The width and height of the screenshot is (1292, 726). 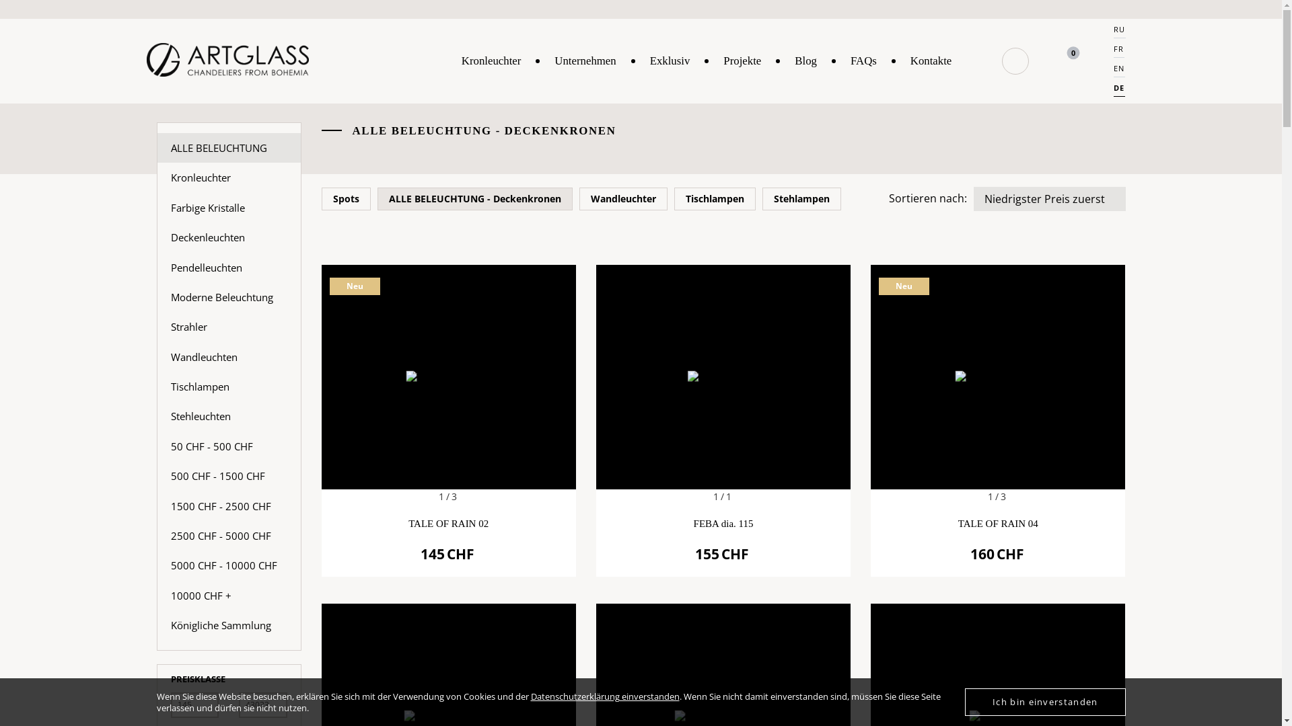 I want to click on '2500 CHF - 5000 CHF', so click(x=229, y=535).